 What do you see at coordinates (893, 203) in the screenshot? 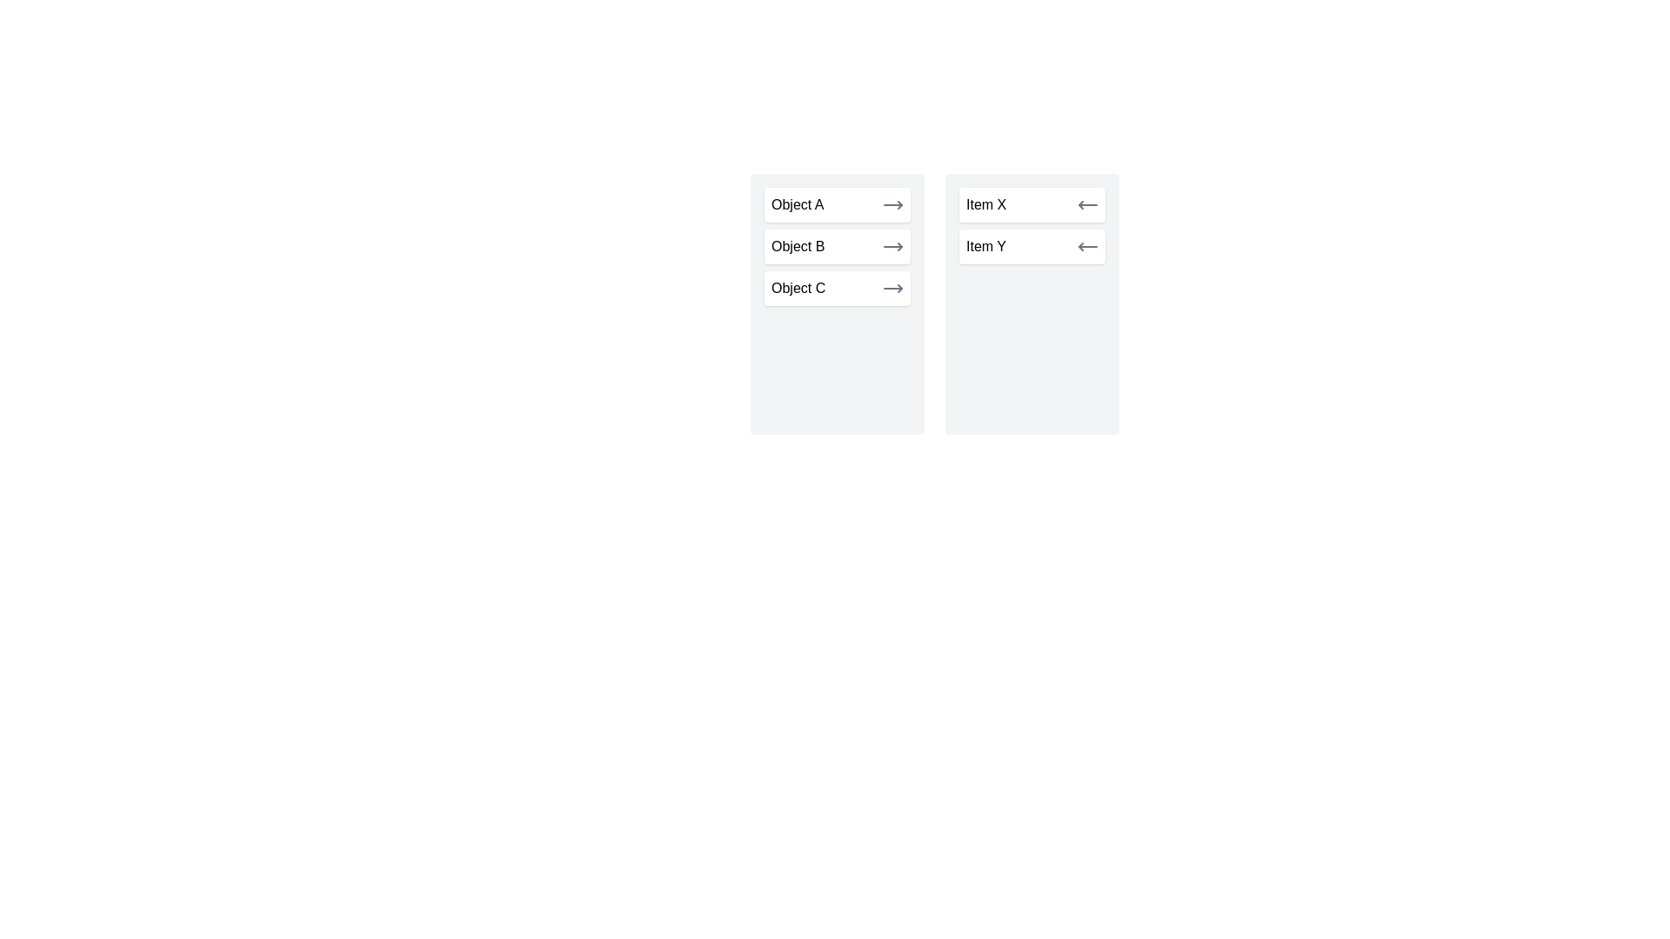
I see `transfer button next to Object A in the left list to move it to the right list` at bounding box center [893, 203].